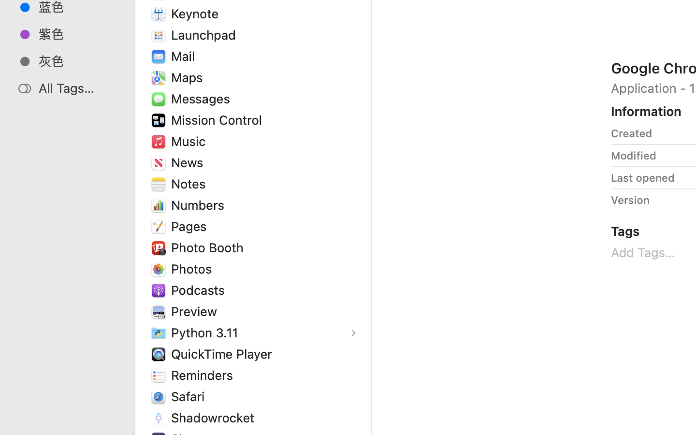  Describe the element at coordinates (630, 200) in the screenshot. I see `'Version'` at that location.